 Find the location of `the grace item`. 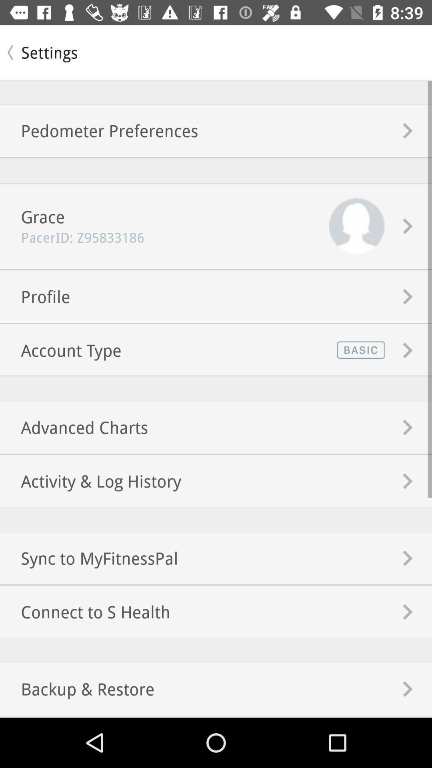

the grace item is located at coordinates (32, 216).